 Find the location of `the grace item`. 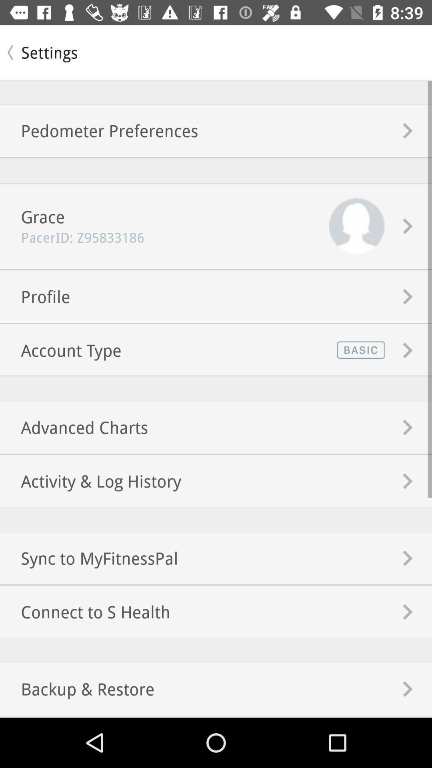

the grace item is located at coordinates (32, 216).